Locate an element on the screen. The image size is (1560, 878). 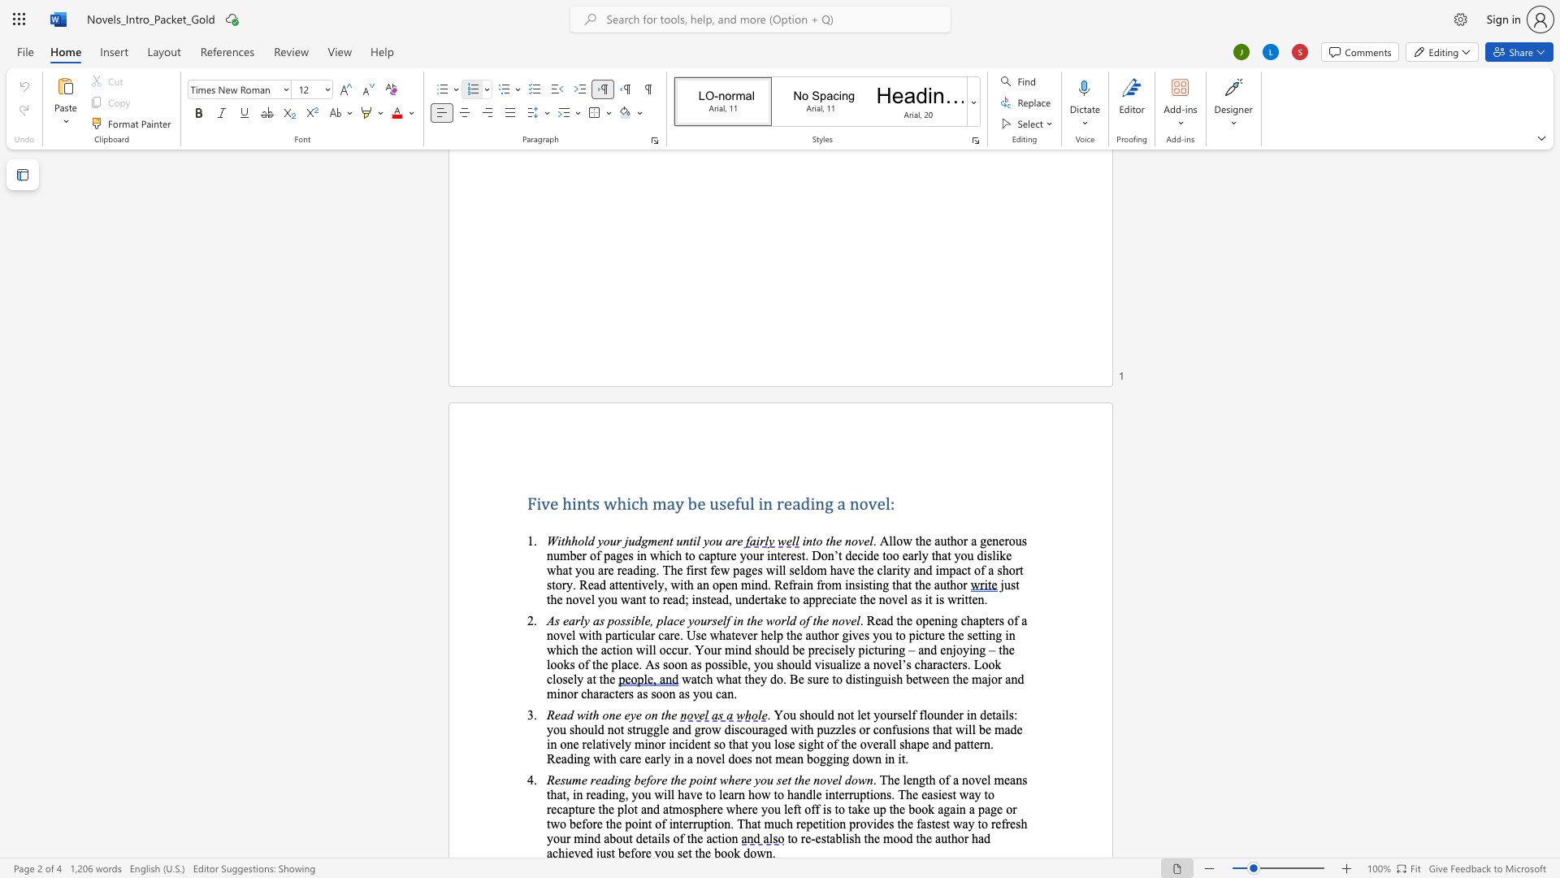
the 26th character "e" in the text is located at coordinates (617, 824).